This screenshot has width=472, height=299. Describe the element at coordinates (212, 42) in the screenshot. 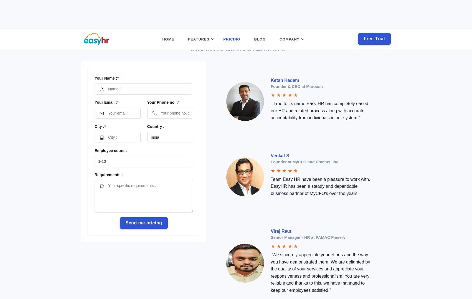

I see `'Attendance Management'` at that location.